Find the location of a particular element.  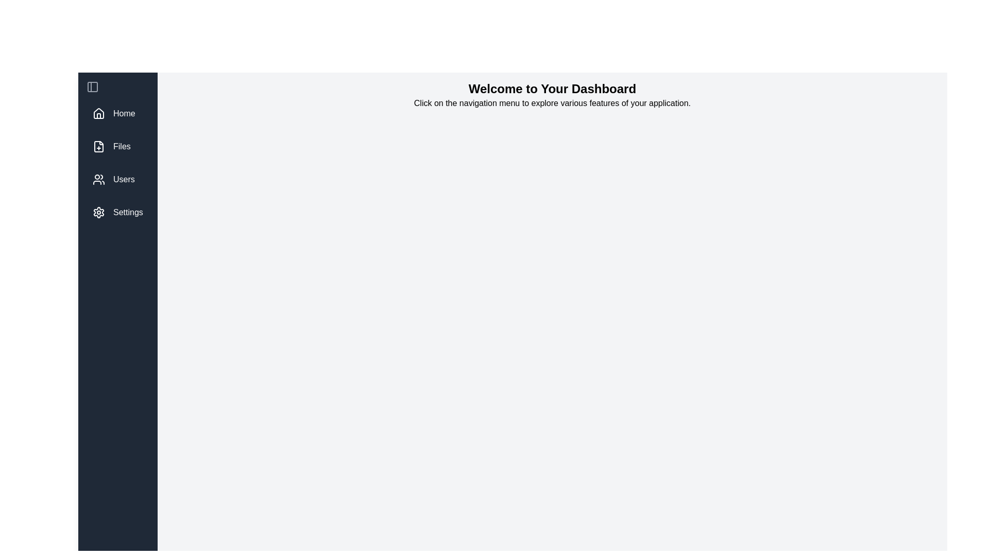

on the text label displaying 'Users' in the vertical navigation bar on the left side of the interface is located at coordinates (124, 179).